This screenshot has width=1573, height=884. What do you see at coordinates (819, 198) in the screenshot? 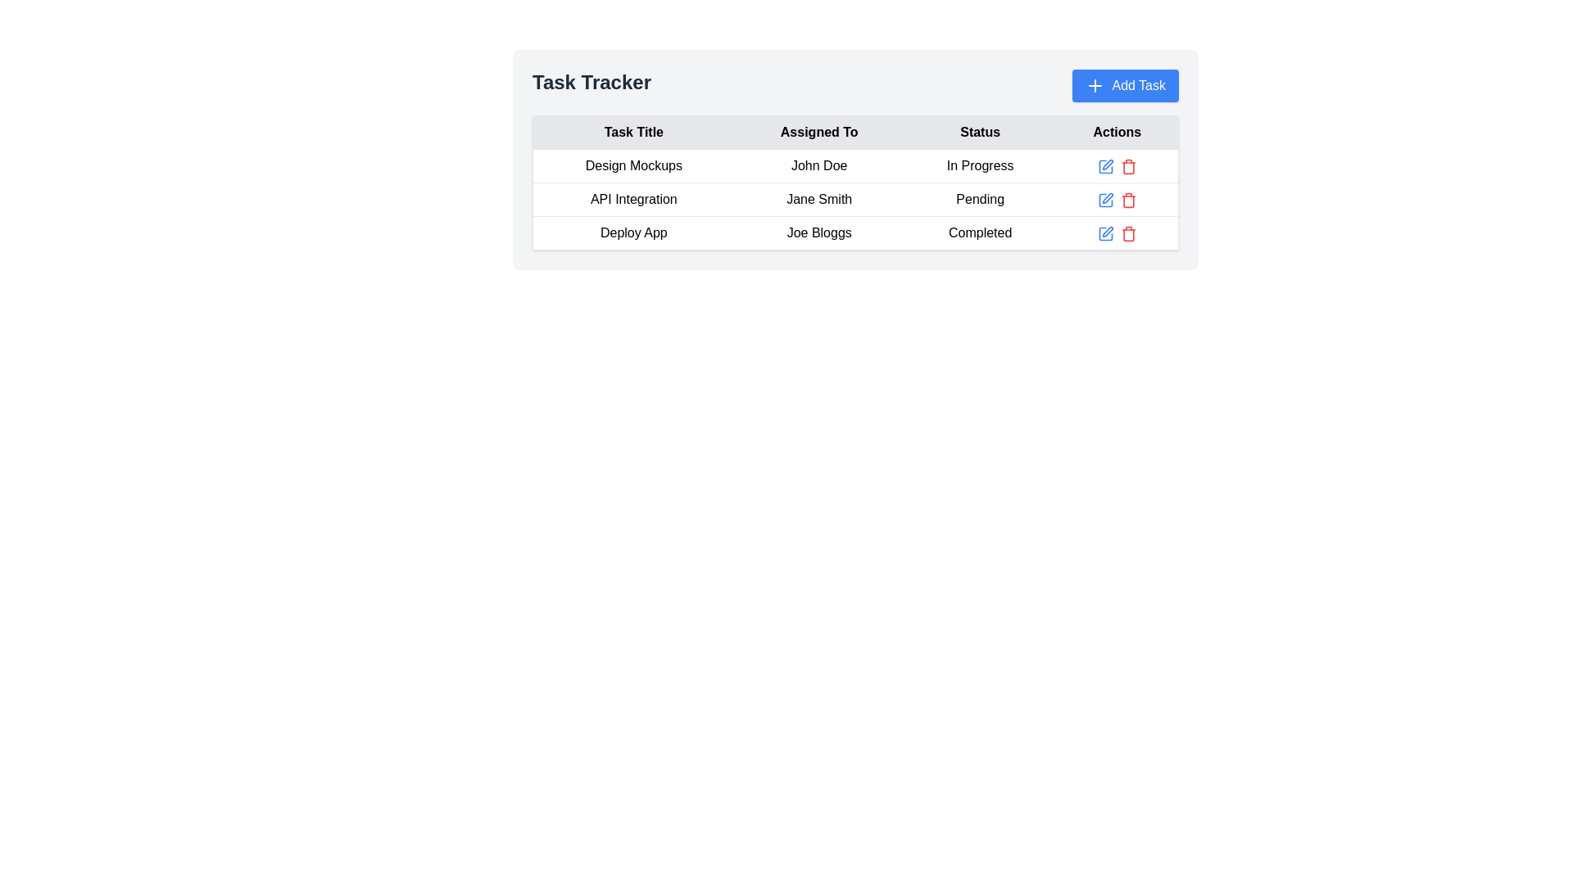
I see `the text component displaying 'Jane Smith' in the second row of the data table under the 'Assigned To' column` at bounding box center [819, 198].